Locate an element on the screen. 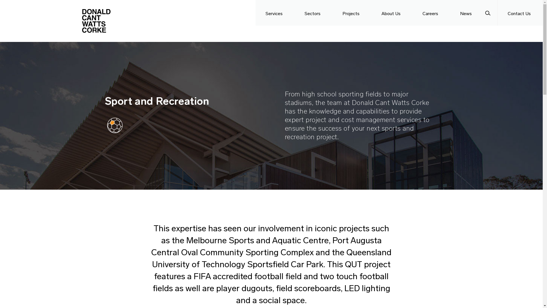  'Sport-Icon-White.png' is located at coordinates (115, 125).